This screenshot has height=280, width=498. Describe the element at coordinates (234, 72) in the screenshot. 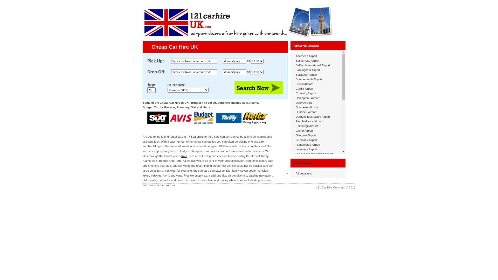

I see `'dd/mm/yyyy'` at that location.